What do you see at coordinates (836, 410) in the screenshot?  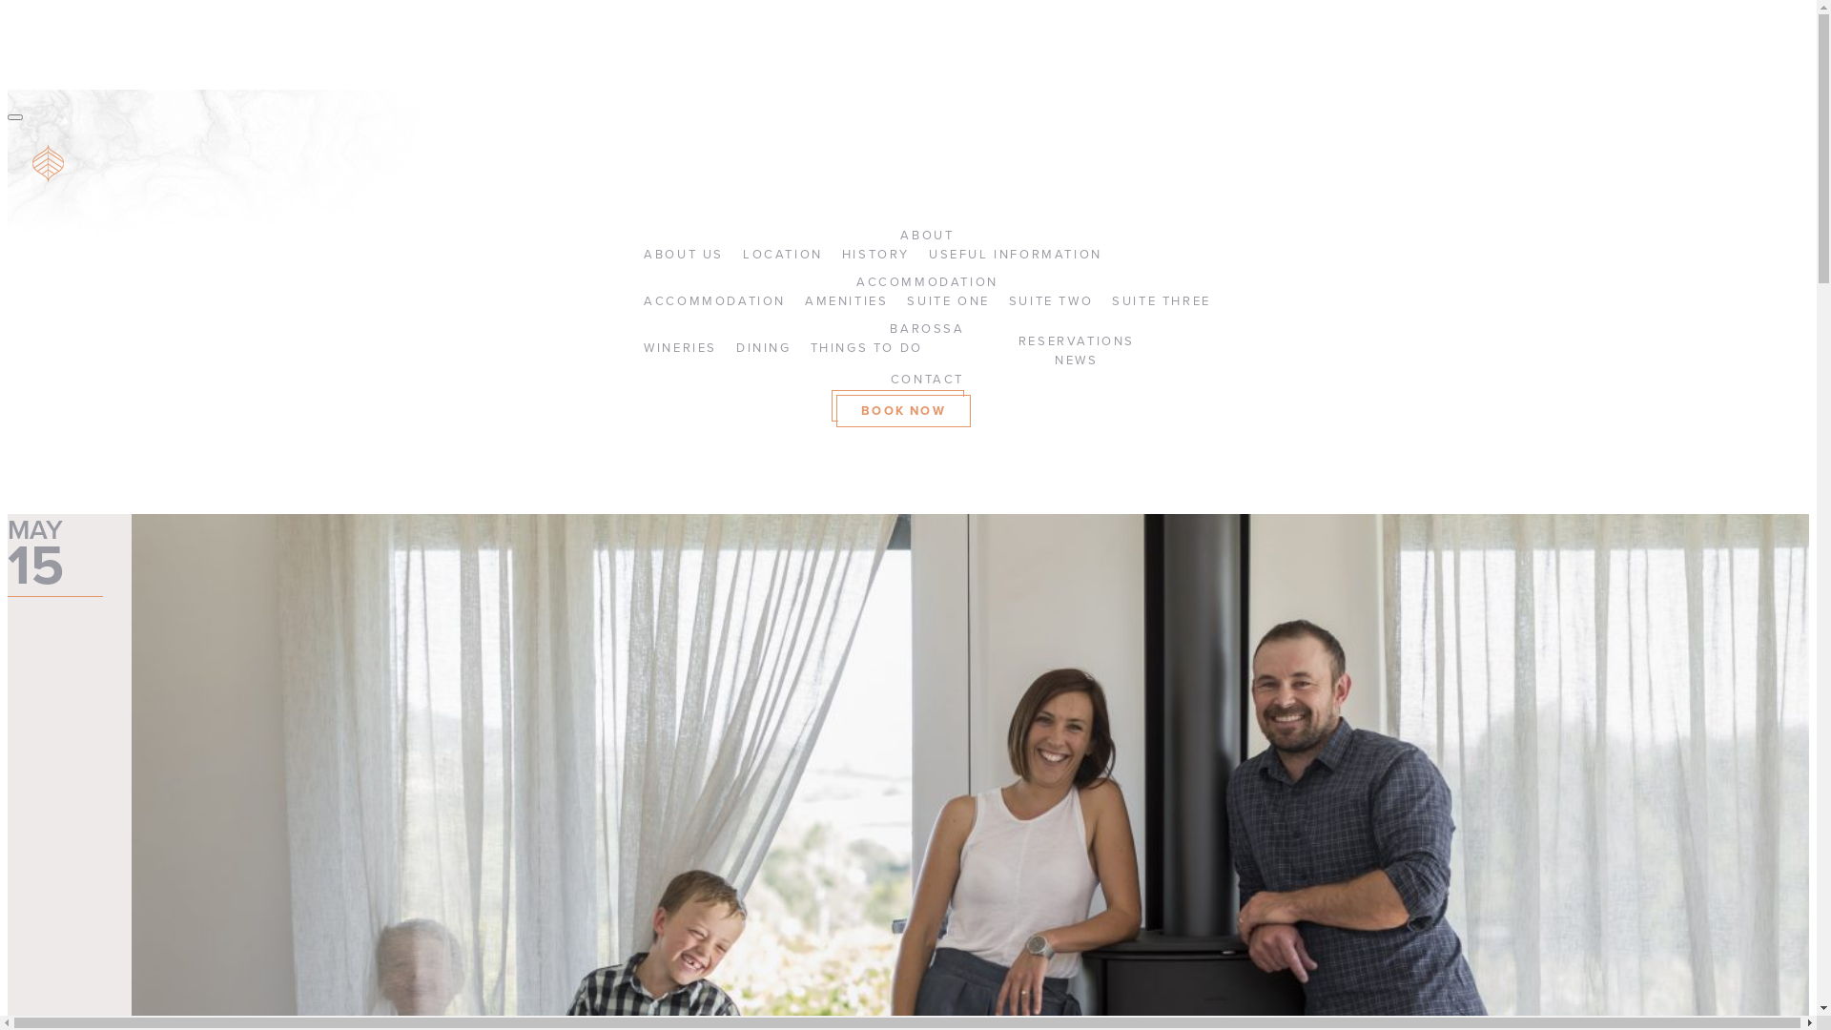 I see `'BOOK NOW'` at bounding box center [836, 410].